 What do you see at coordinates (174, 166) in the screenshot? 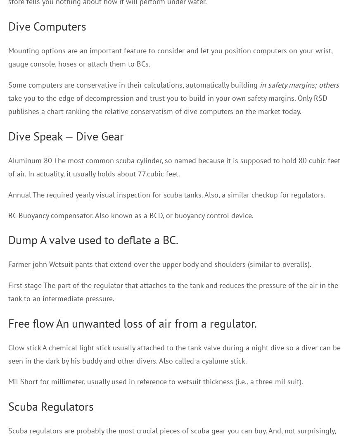
I see `'Aluminum 80 The most common scuba cylinder, so named because it is supposed to hold 80 cubic feet of air. In actuality, it usually holds about 77.cubic feet.'` at bounding box center [174, 166].